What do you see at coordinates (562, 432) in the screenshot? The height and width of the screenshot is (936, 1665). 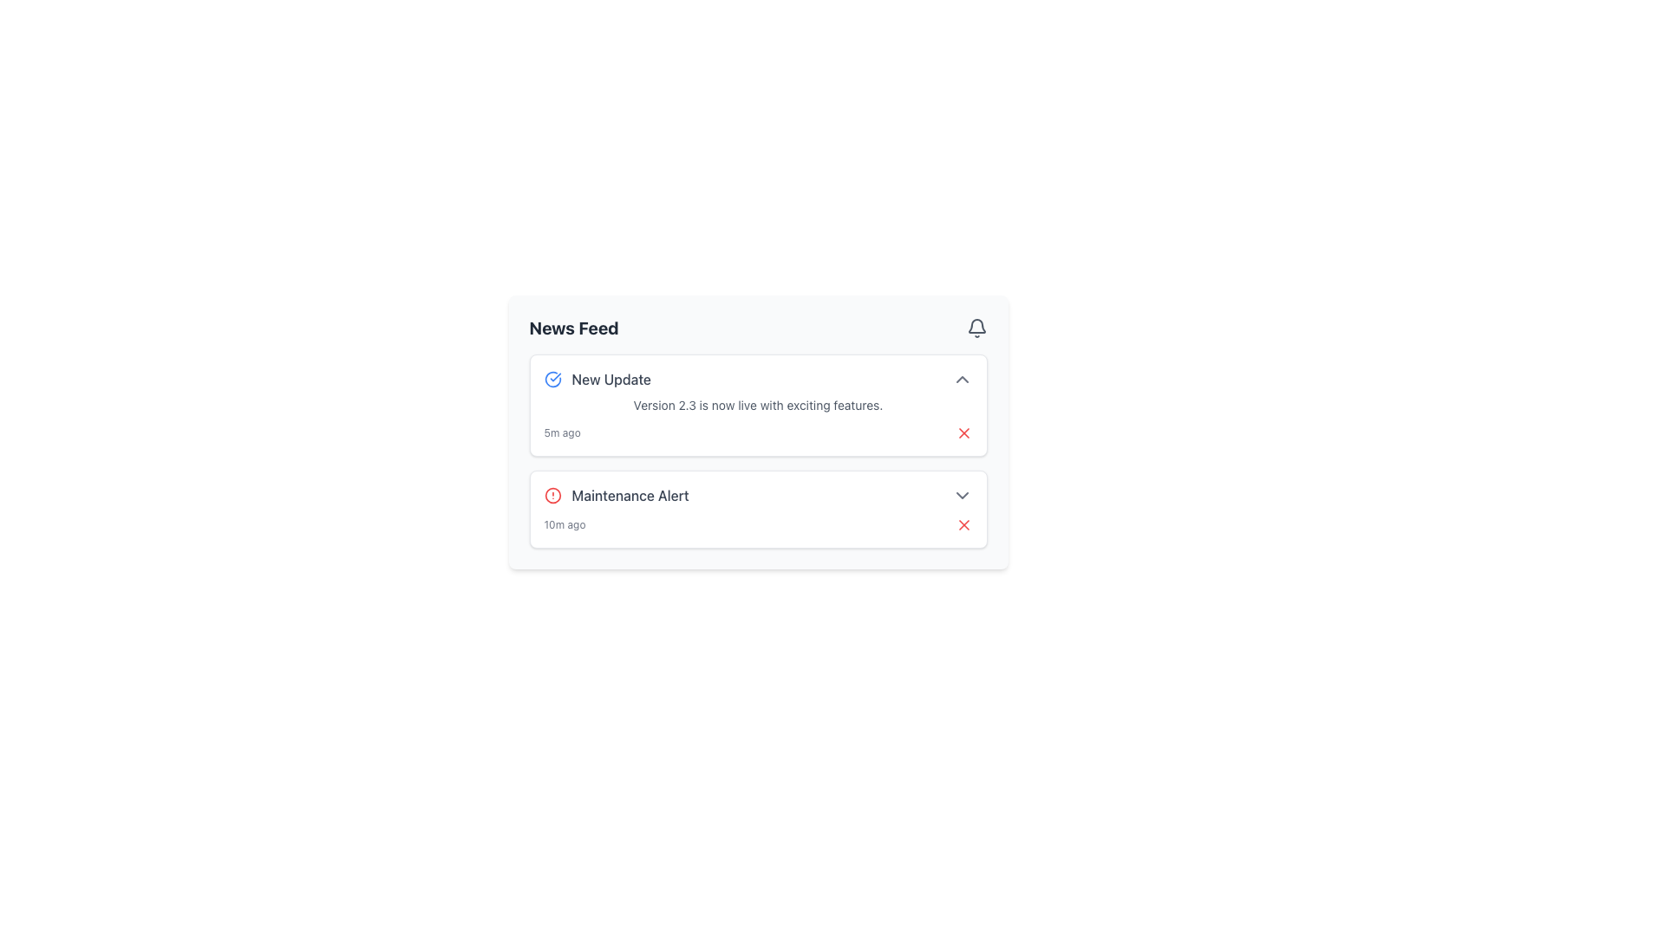 I see `the text label displaying '5m ago', which is a small, gray font located below the heading 'New Update' and above the line separating update categories` at bounding box center [562, 432].